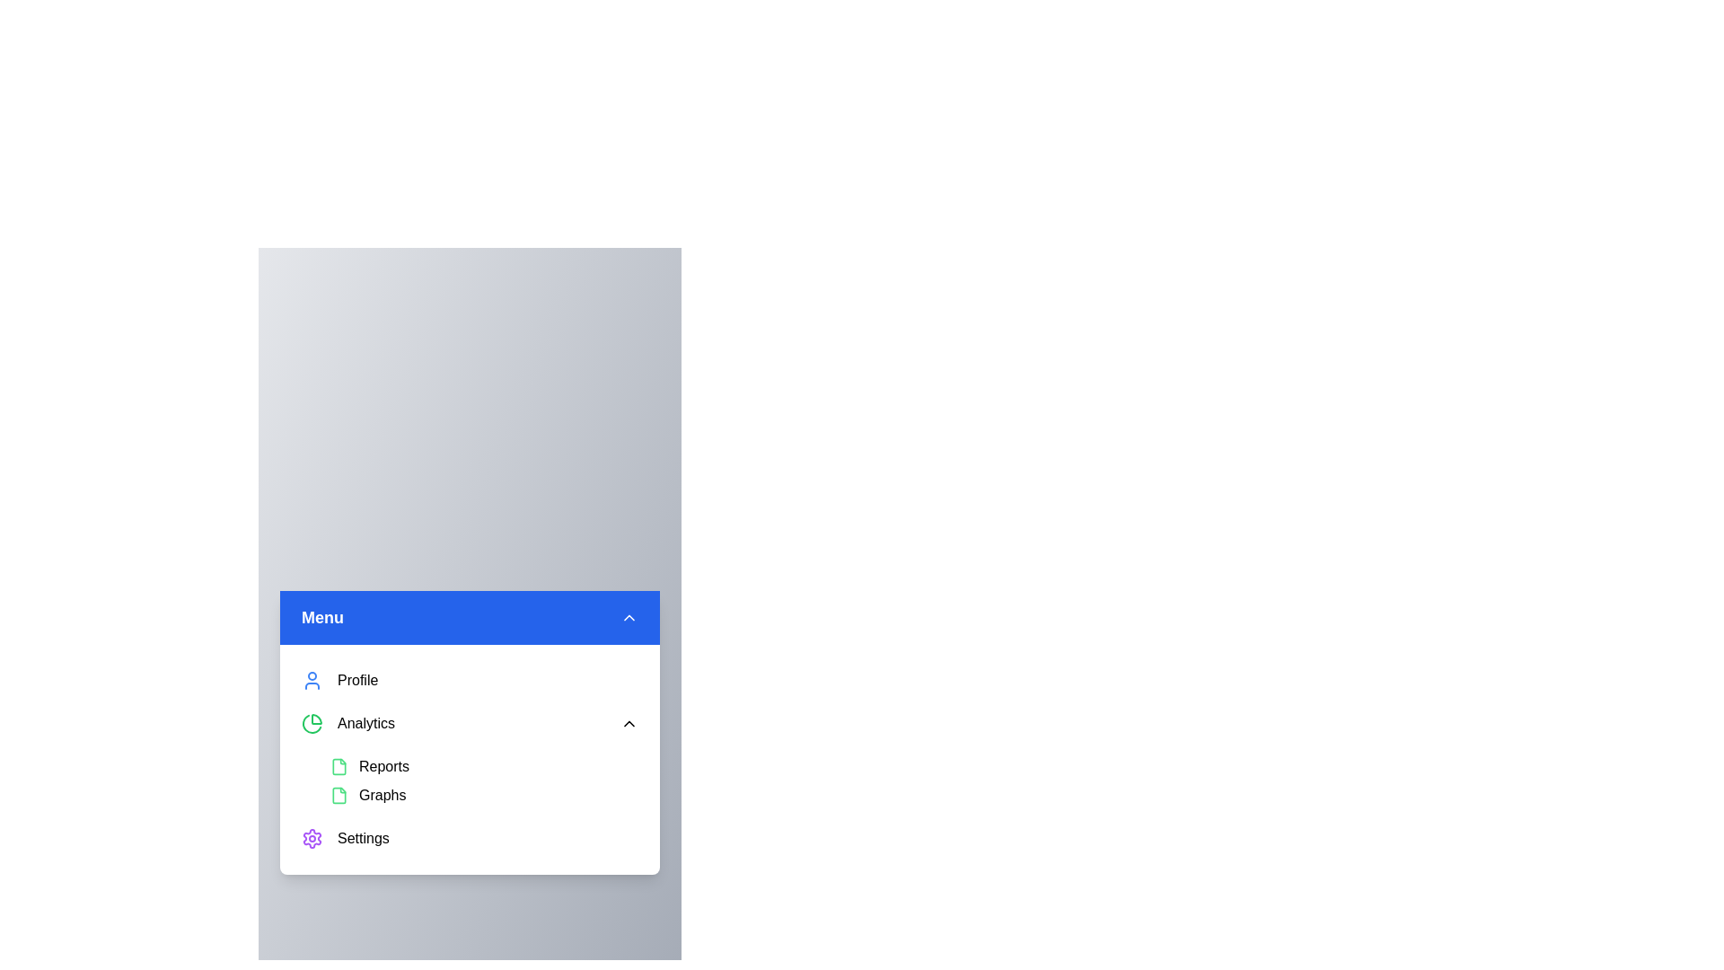 The height and width of the screenshot is (970, 1724). What do you see at coordinates (312, 838) in the screenshot?
I see `the settings icon, which is the leftmost icon in the 'Settings' list item at the bottom of the menu, below the 'Graphs' sub-item of the 'Analytics' section` at bounding box center [312, 838].